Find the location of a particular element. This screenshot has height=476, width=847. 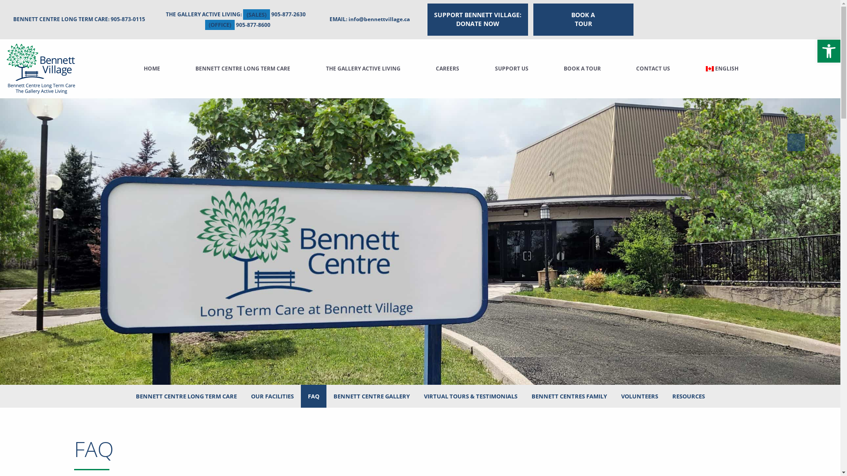

'RESOURCES' is located at coordinates (688, 395).